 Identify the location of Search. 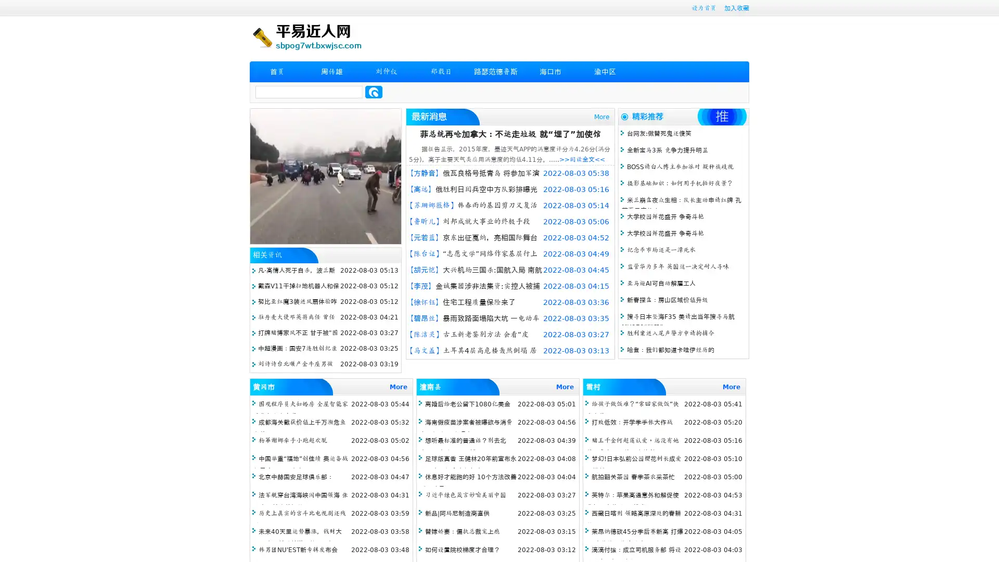
(374, 92).